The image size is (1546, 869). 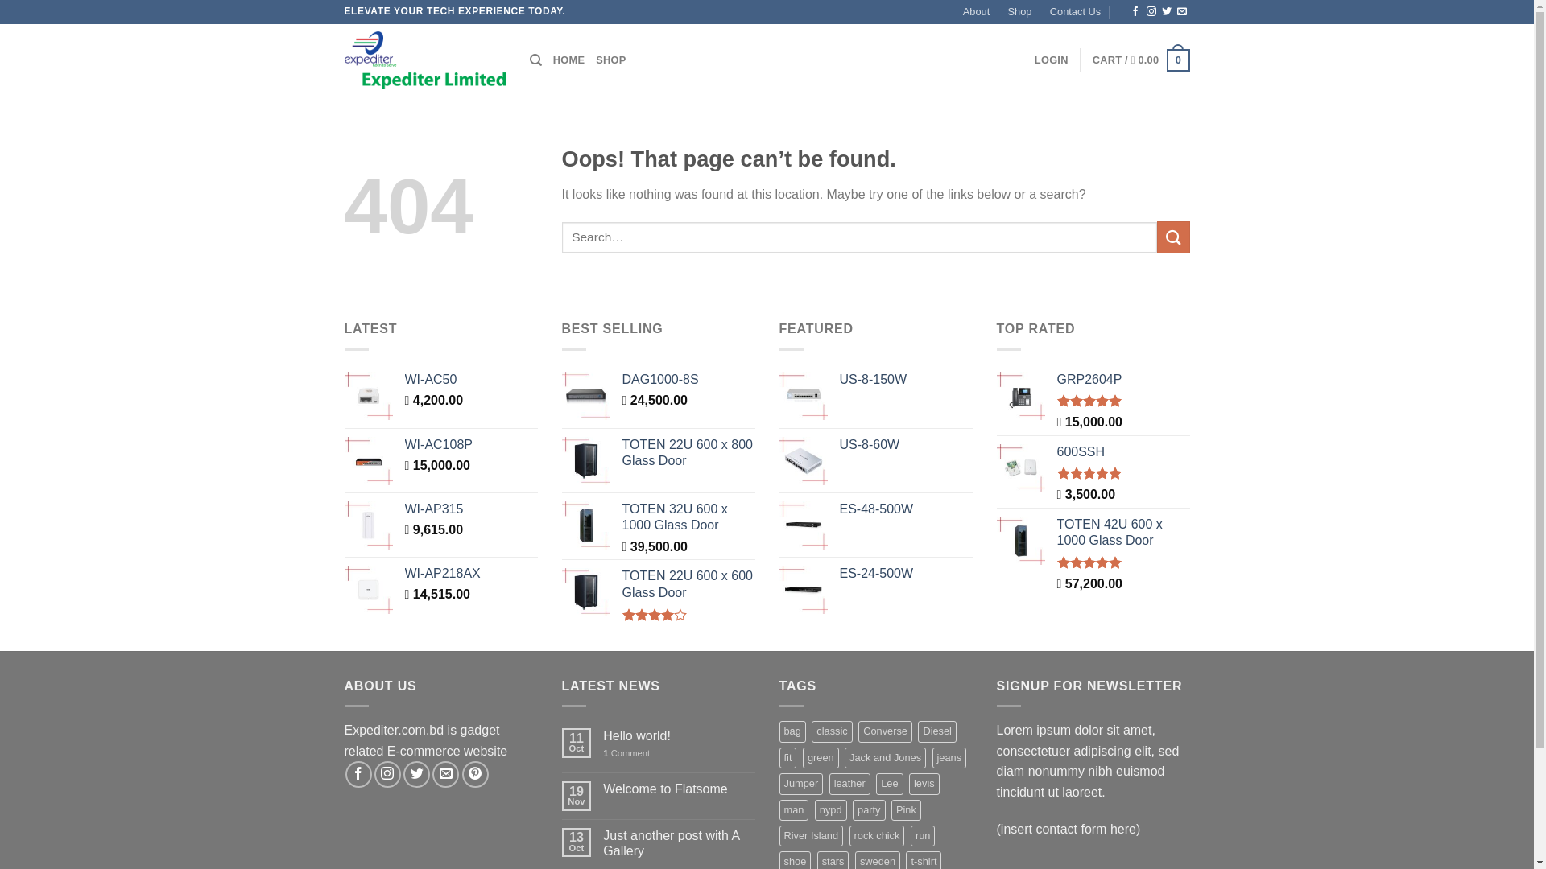 I want to click on 'LOGIN', so click(x=1051, y=59).